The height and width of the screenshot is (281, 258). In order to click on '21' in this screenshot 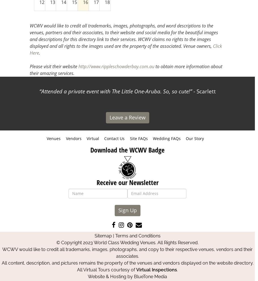, I will do `click(63, 20)`.